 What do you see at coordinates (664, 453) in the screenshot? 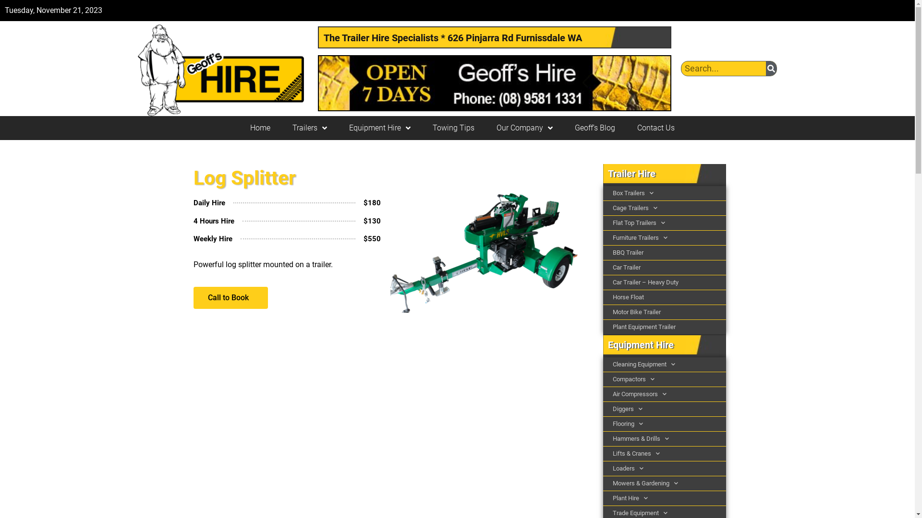
I see `'Lifts & Cranes'` at bounding box center [664, 453].